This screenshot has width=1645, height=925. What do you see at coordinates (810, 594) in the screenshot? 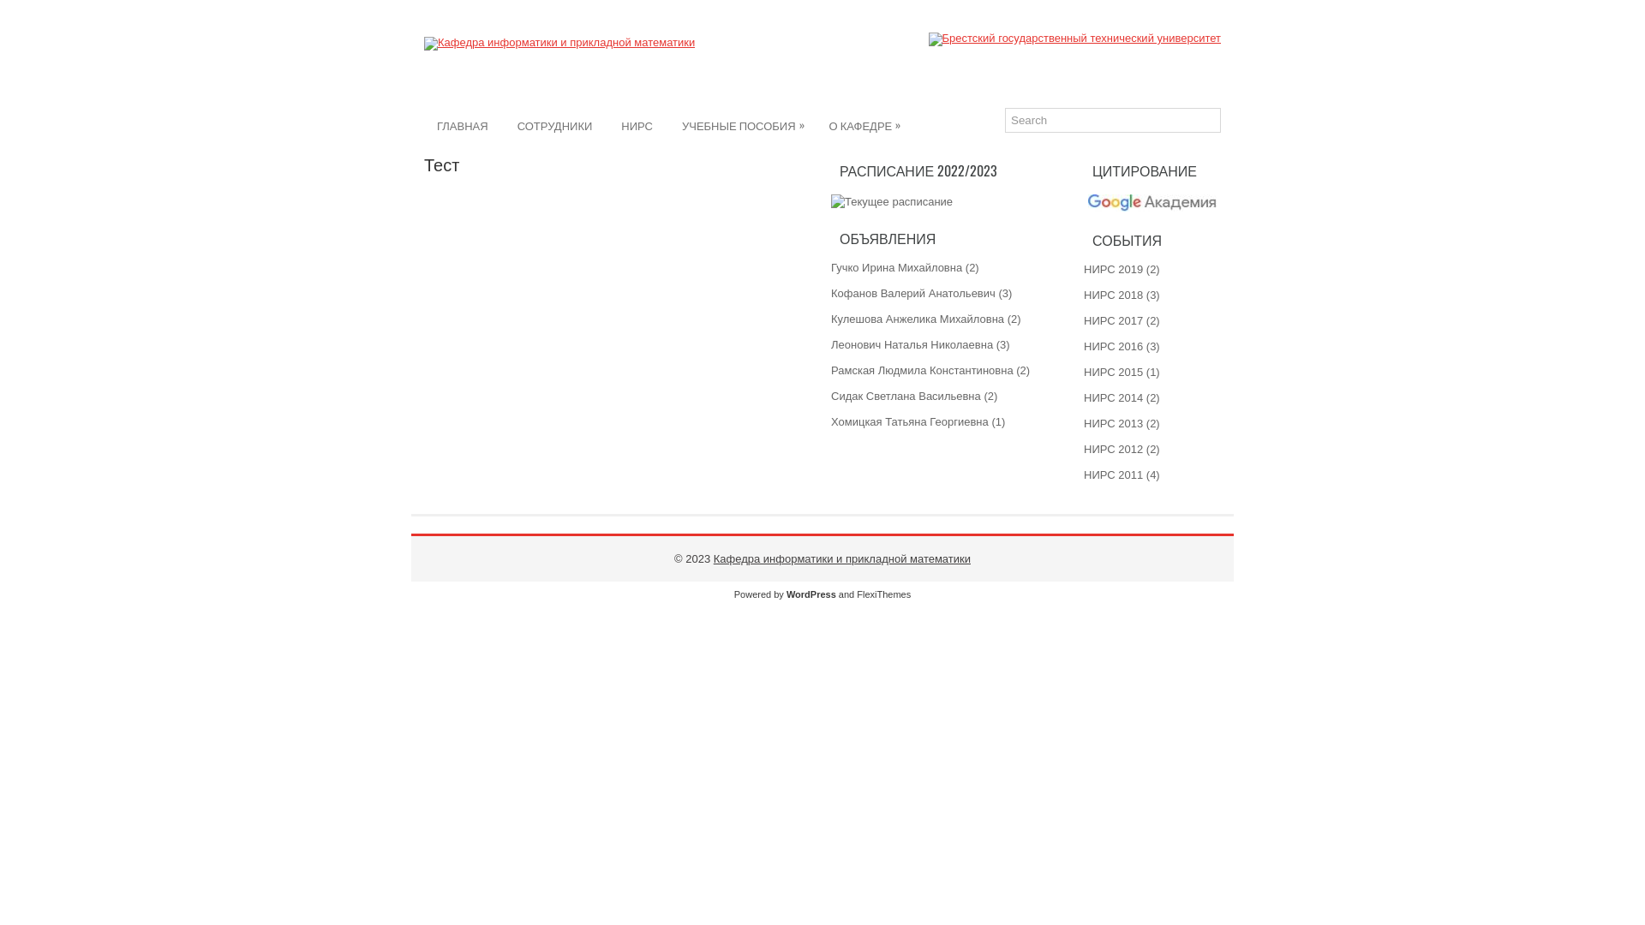
I see `'WordPress'` at bounding box center [810, 594].